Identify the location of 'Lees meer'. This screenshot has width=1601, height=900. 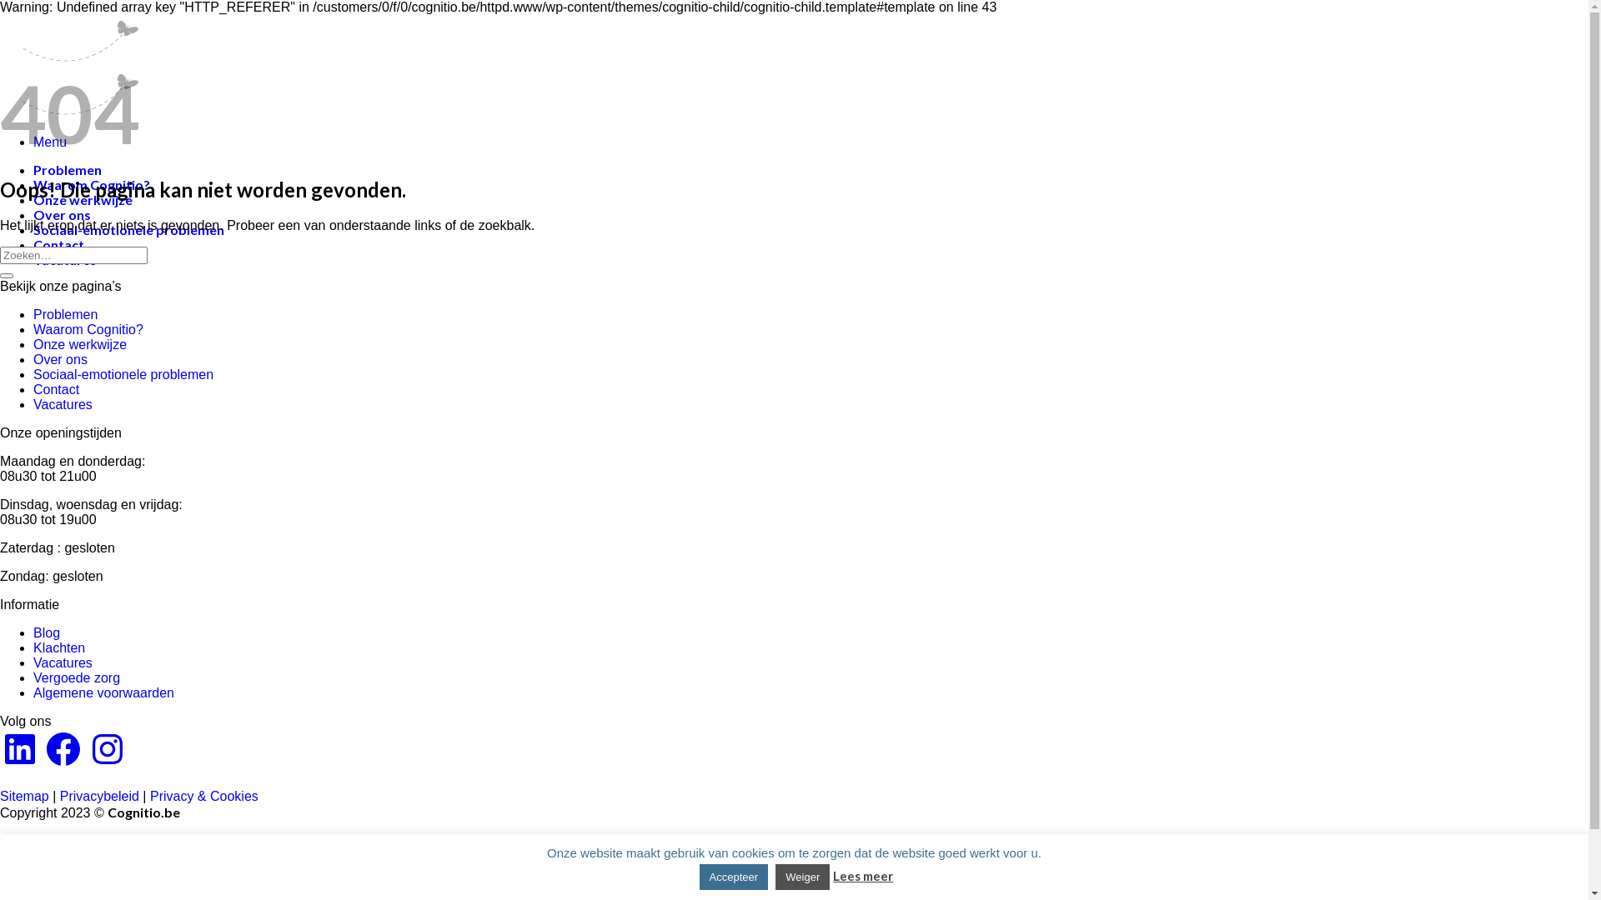
(863, 874).